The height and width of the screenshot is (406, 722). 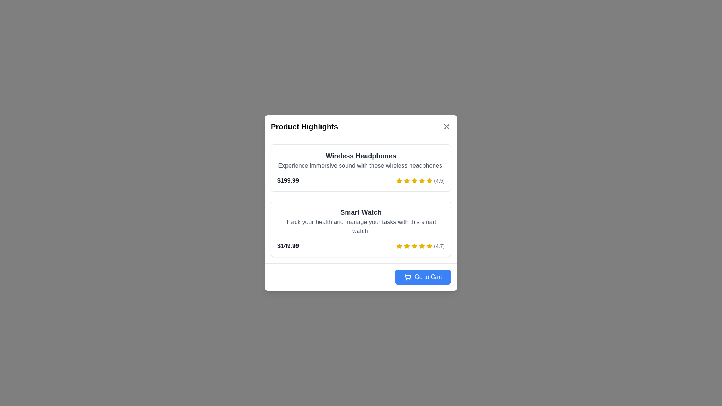 I want to click on first five-pointed yellow star icon with a centered red accent, which represents the rating for the 'Wireless Headphones' product, so click(x=407, y=180).